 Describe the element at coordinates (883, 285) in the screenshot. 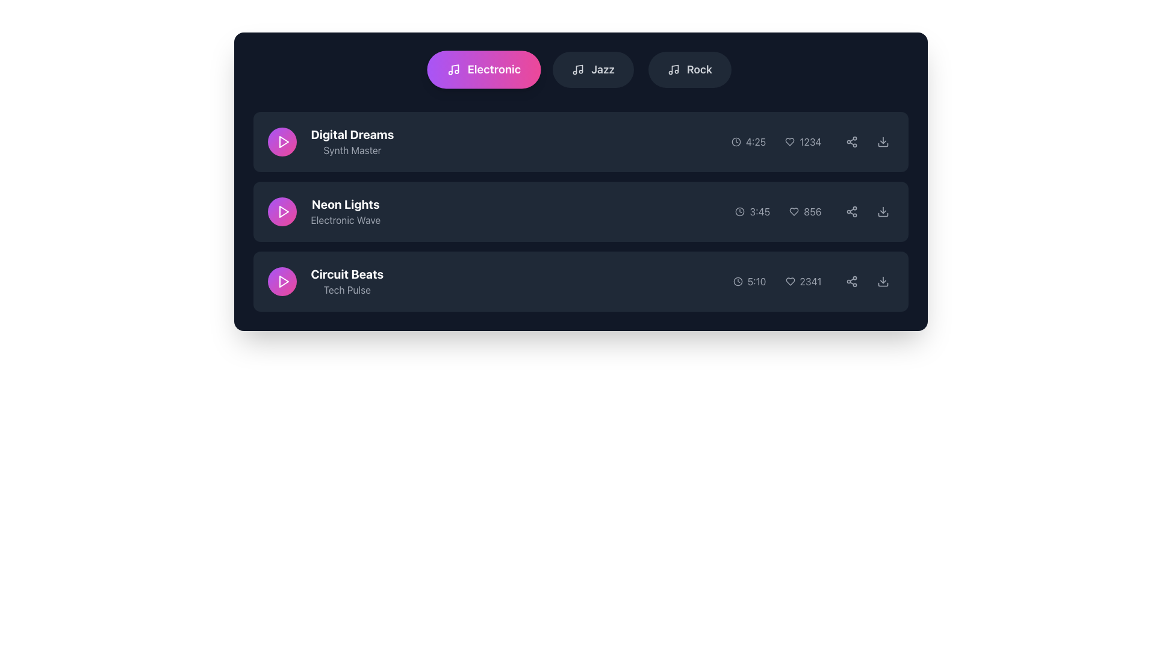

I see `the Vector Icon button for downloading the associated music track using keyboard navigation, located at the bottom of the third music track entry, to the right of the track's duration and likes indicator` at that location.